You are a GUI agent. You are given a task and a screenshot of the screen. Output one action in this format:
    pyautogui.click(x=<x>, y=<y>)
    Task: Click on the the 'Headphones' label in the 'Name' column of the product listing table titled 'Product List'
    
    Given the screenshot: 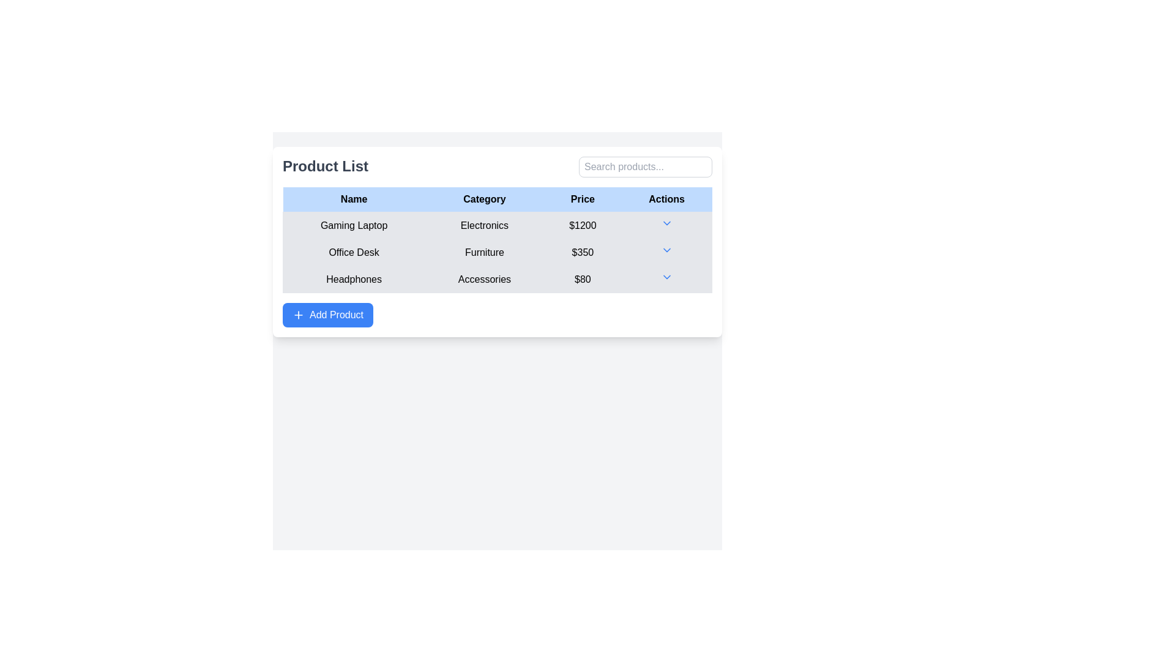 What is the action you would take?
    pyautogui.click(x=353, y=279)
    